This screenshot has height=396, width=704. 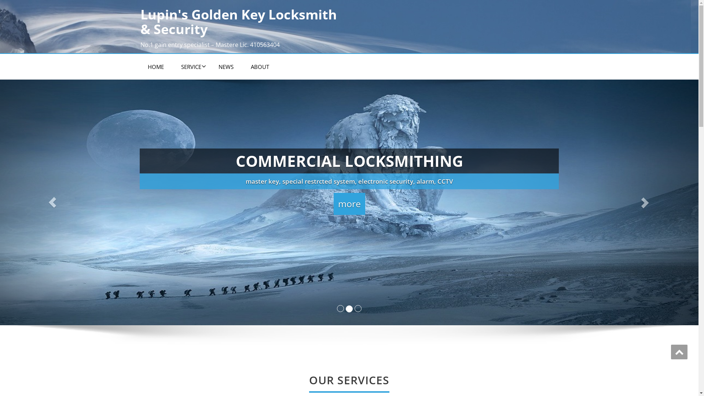 What do you see at coordinates (679, 352) in the screenshot?
I see `'Go Top'` at bounding box center [679, 352].